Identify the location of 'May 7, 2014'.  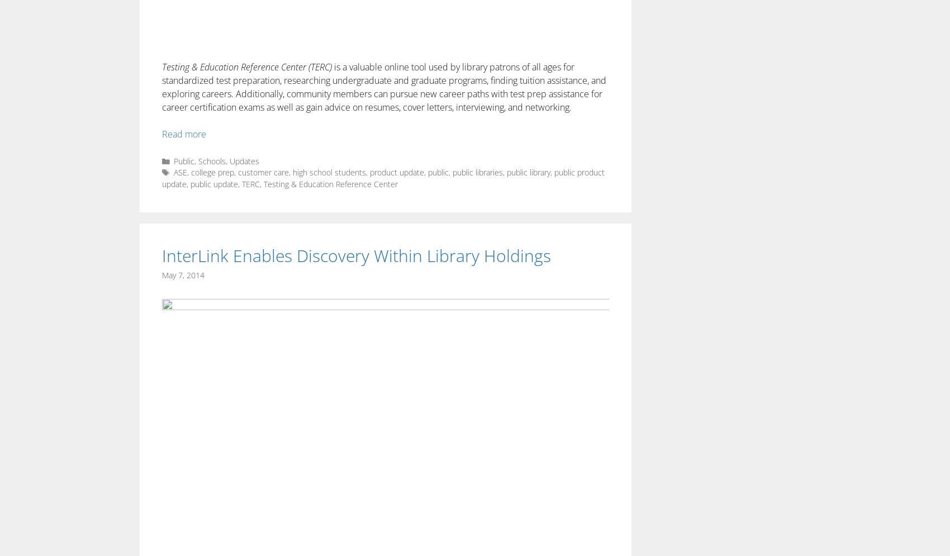
(182, 275).